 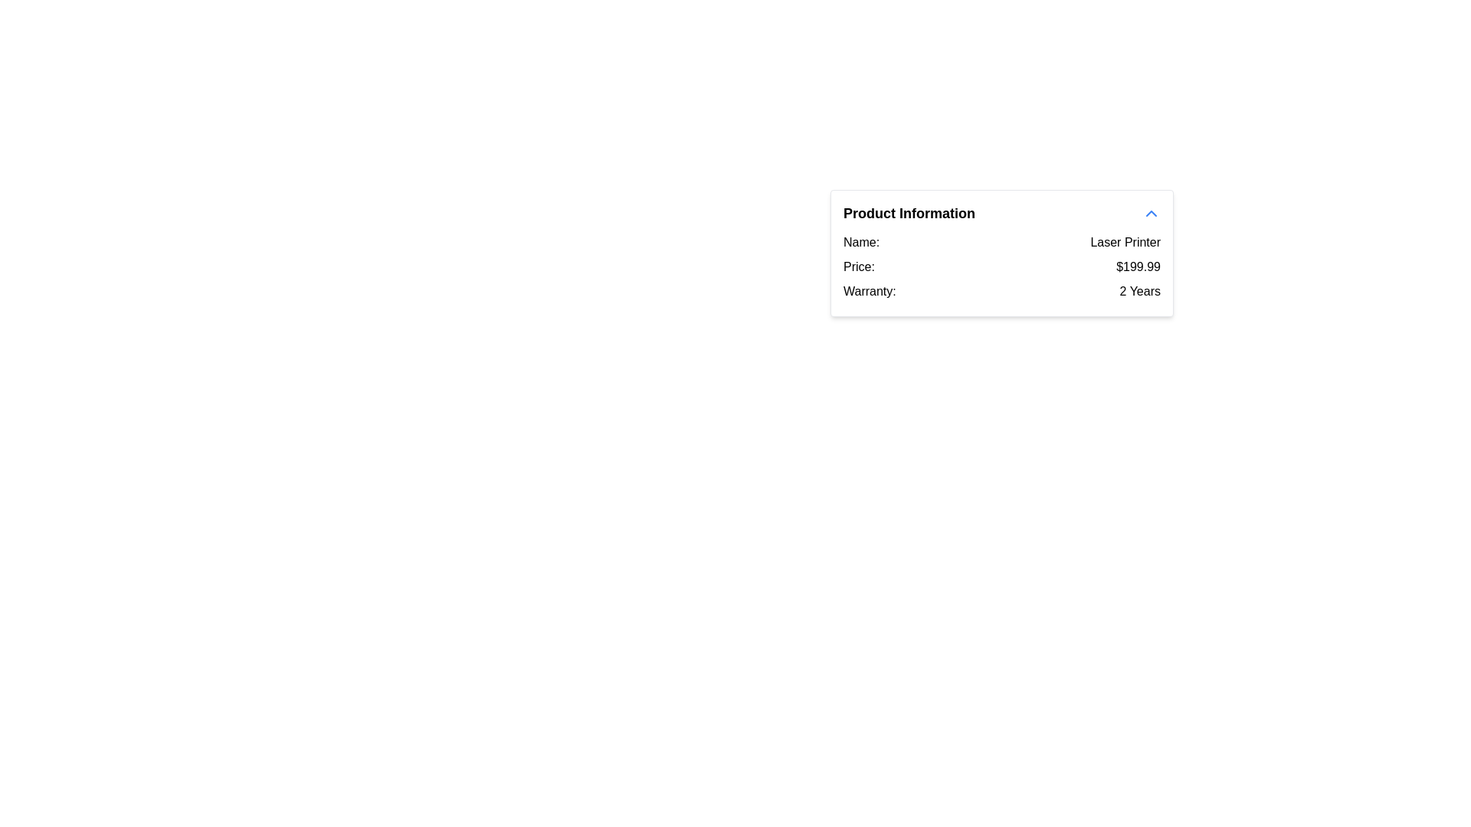 What do you see at coordinates (870, 292) in the screenshot?
I see `the text label displaying 'Warranty:' which is positioned in a small card, aligned to the left of the '2 Years' value` at bounding box center [870, 292].